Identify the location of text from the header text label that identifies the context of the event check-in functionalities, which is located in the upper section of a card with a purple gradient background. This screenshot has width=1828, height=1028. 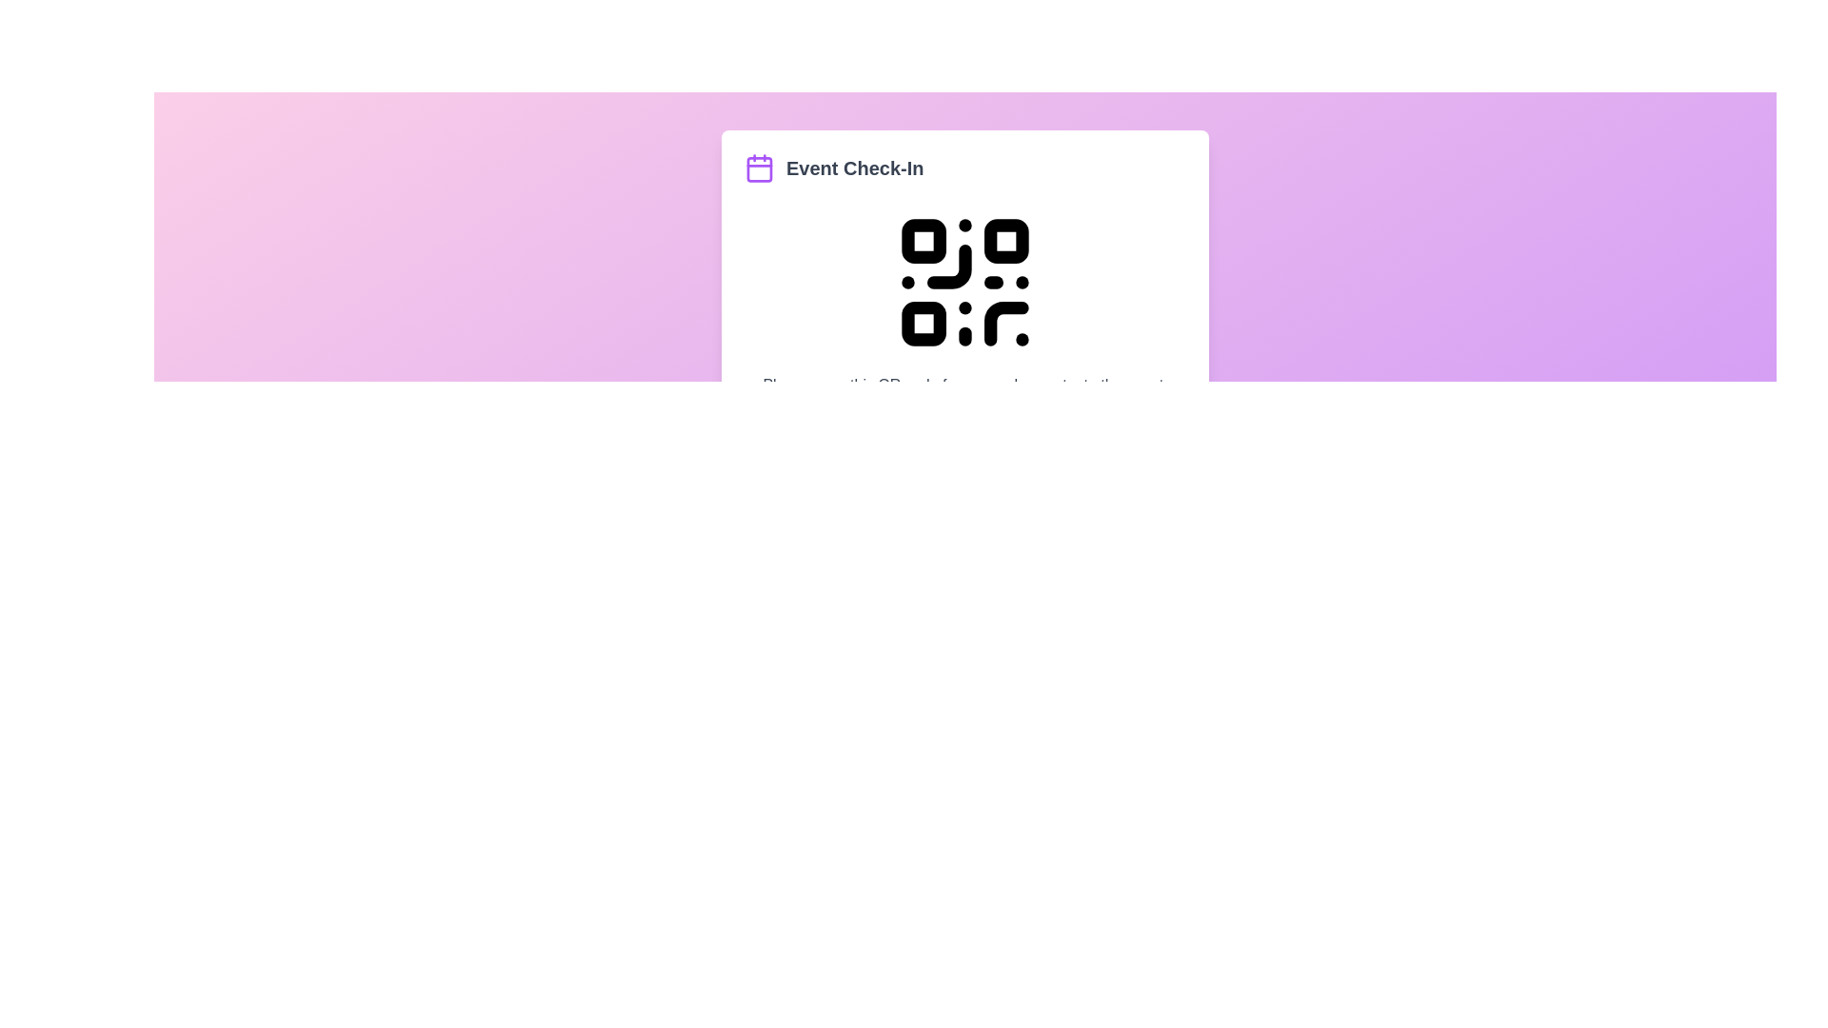
(854, 168).